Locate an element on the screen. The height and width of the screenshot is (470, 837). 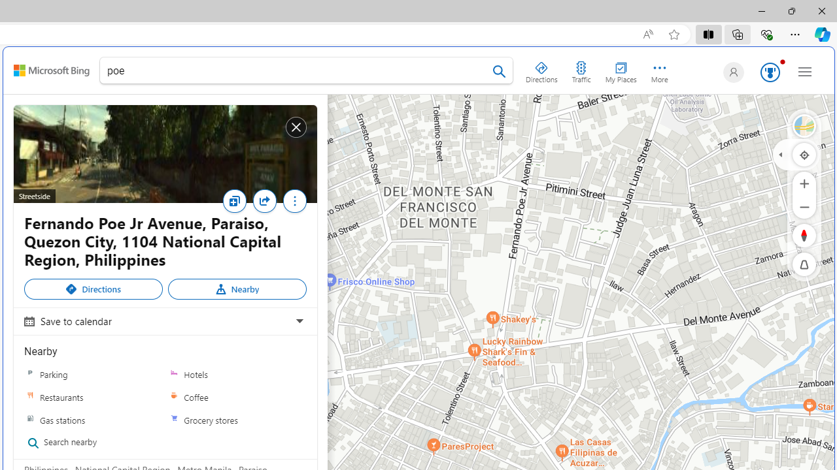
'Traffic' is located at coordinates (580, 69).